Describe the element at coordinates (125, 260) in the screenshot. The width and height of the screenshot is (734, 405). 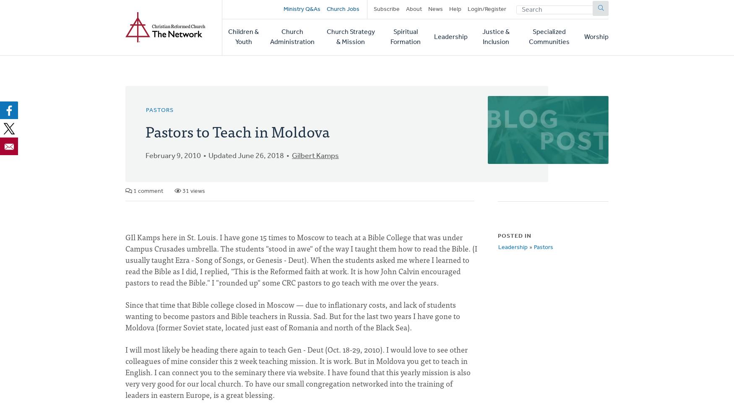
I see `'GIl Kamps here in St. Louis. I have gone 15 times to Moscow to teach at a Bible College that was under Campus Crusades umbrella. The students "stood in awe" of the way I taught them how to read the Bible. (I usually taught Ezra - Song of Songs, or Genesis - Deut). When the students asked me where I learned to read the Bible as I did, I replied, "This is the Reformed faith at work. It is how John Calvin encouraged pastors to read the Bible." I "rounded up" some CRC pastors to go teach with me over the years.'` at that location.